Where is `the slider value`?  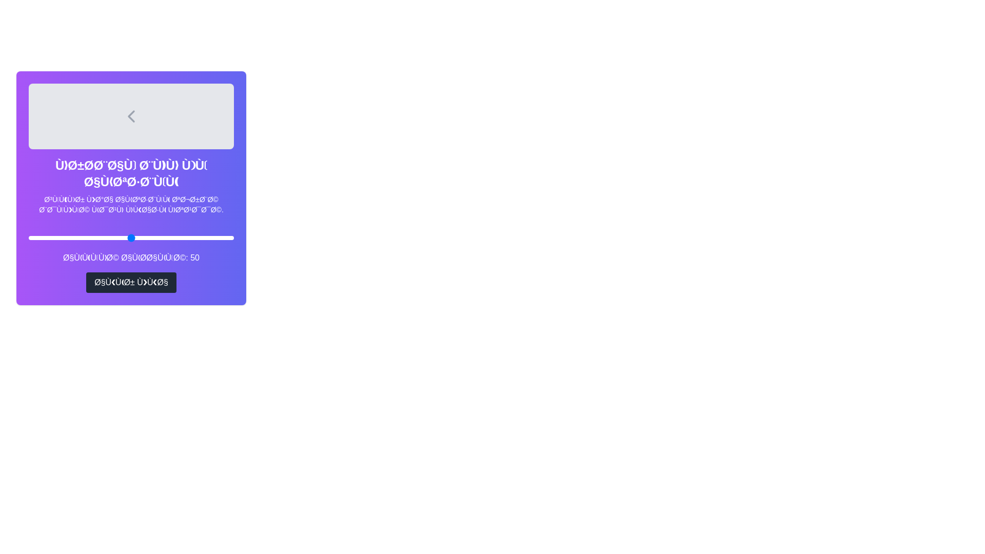 the slider value is located at coordinates (61, 238).